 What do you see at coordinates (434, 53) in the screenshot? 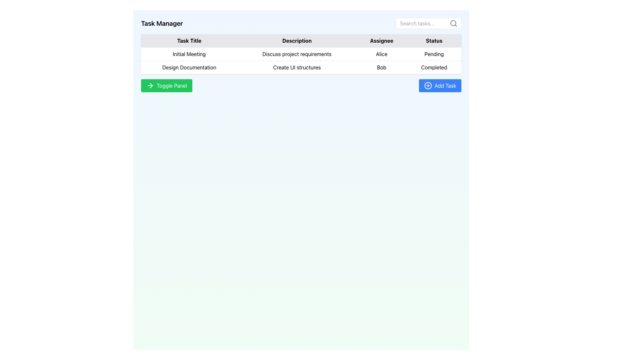
I see `the static text label indicating the status of the task titled 'Initial Meeting', located in the 'Status' column of the task table` at bounding box center [434, 53].